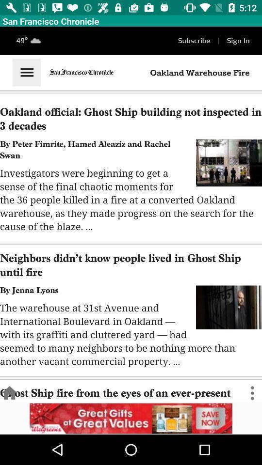 The image size is (262, 465). I want to click on open an advertisements, so click(131, 418).